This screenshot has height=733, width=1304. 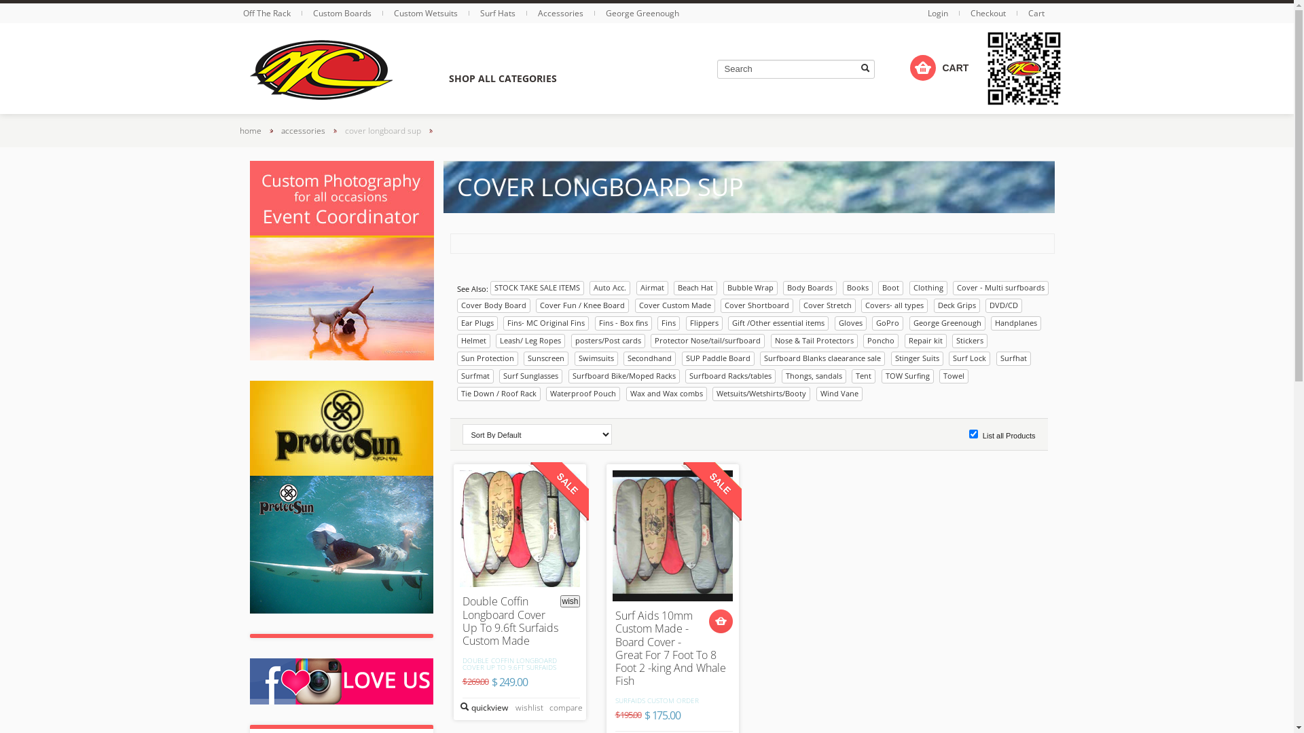 I want to click on 'Protector Nose/tail/surfboard', so click(x=706, y=340).